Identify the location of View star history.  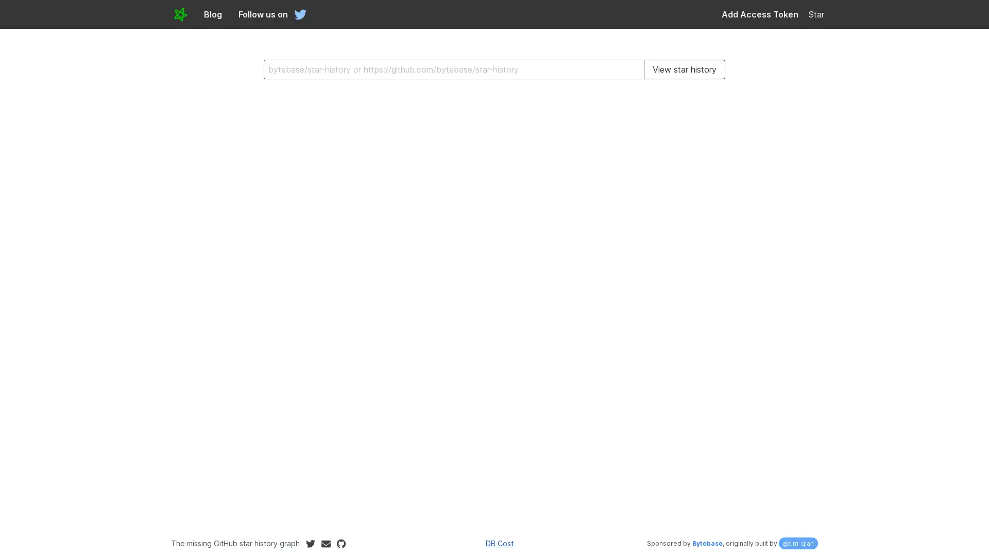
(684, 69).